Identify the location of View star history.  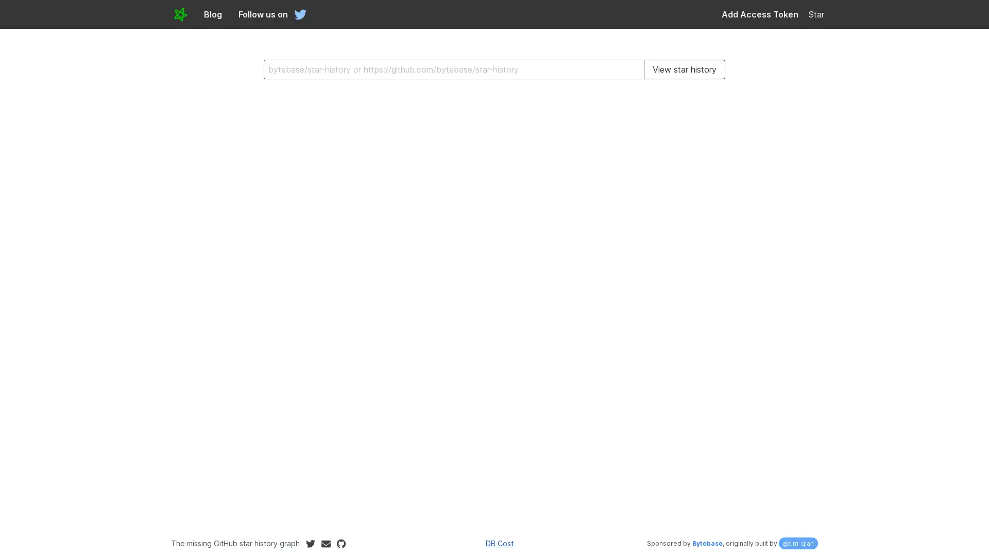
(684, 69).